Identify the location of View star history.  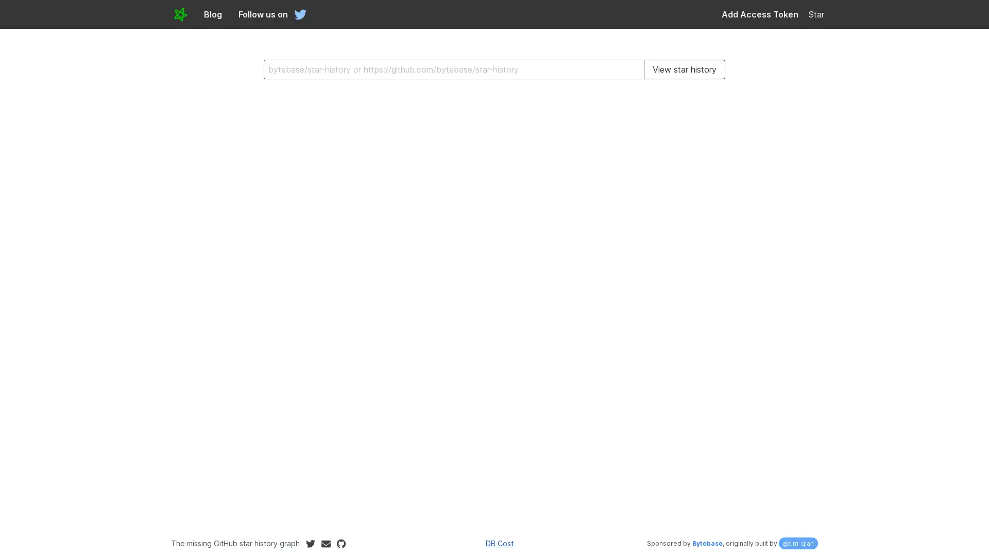
(684, 69).